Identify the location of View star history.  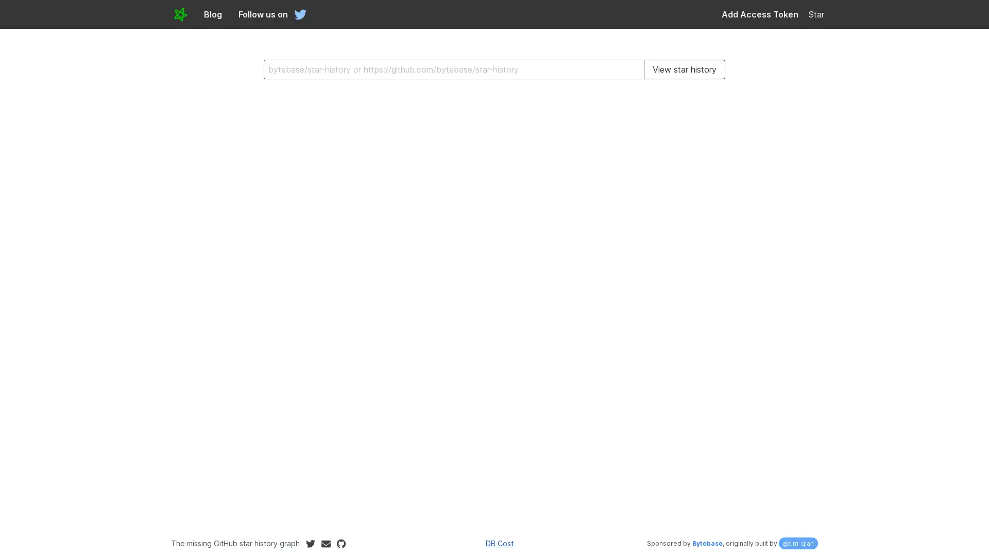
(684, 69).